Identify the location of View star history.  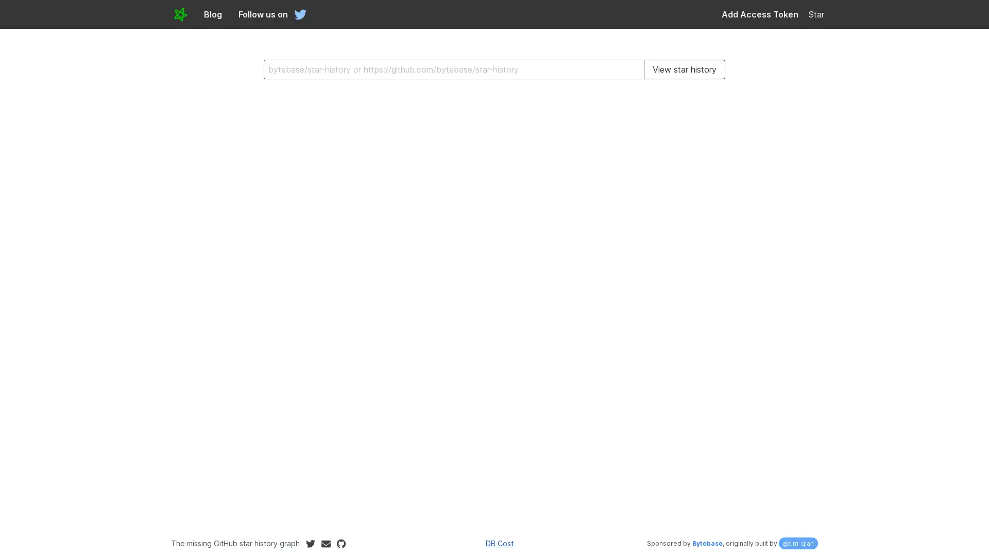
(684, 69).